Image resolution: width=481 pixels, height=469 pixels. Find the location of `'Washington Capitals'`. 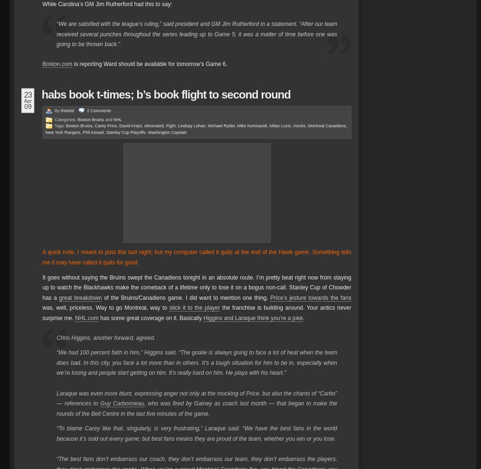

'Washington Capitals' is located at coordinates (166, 131).